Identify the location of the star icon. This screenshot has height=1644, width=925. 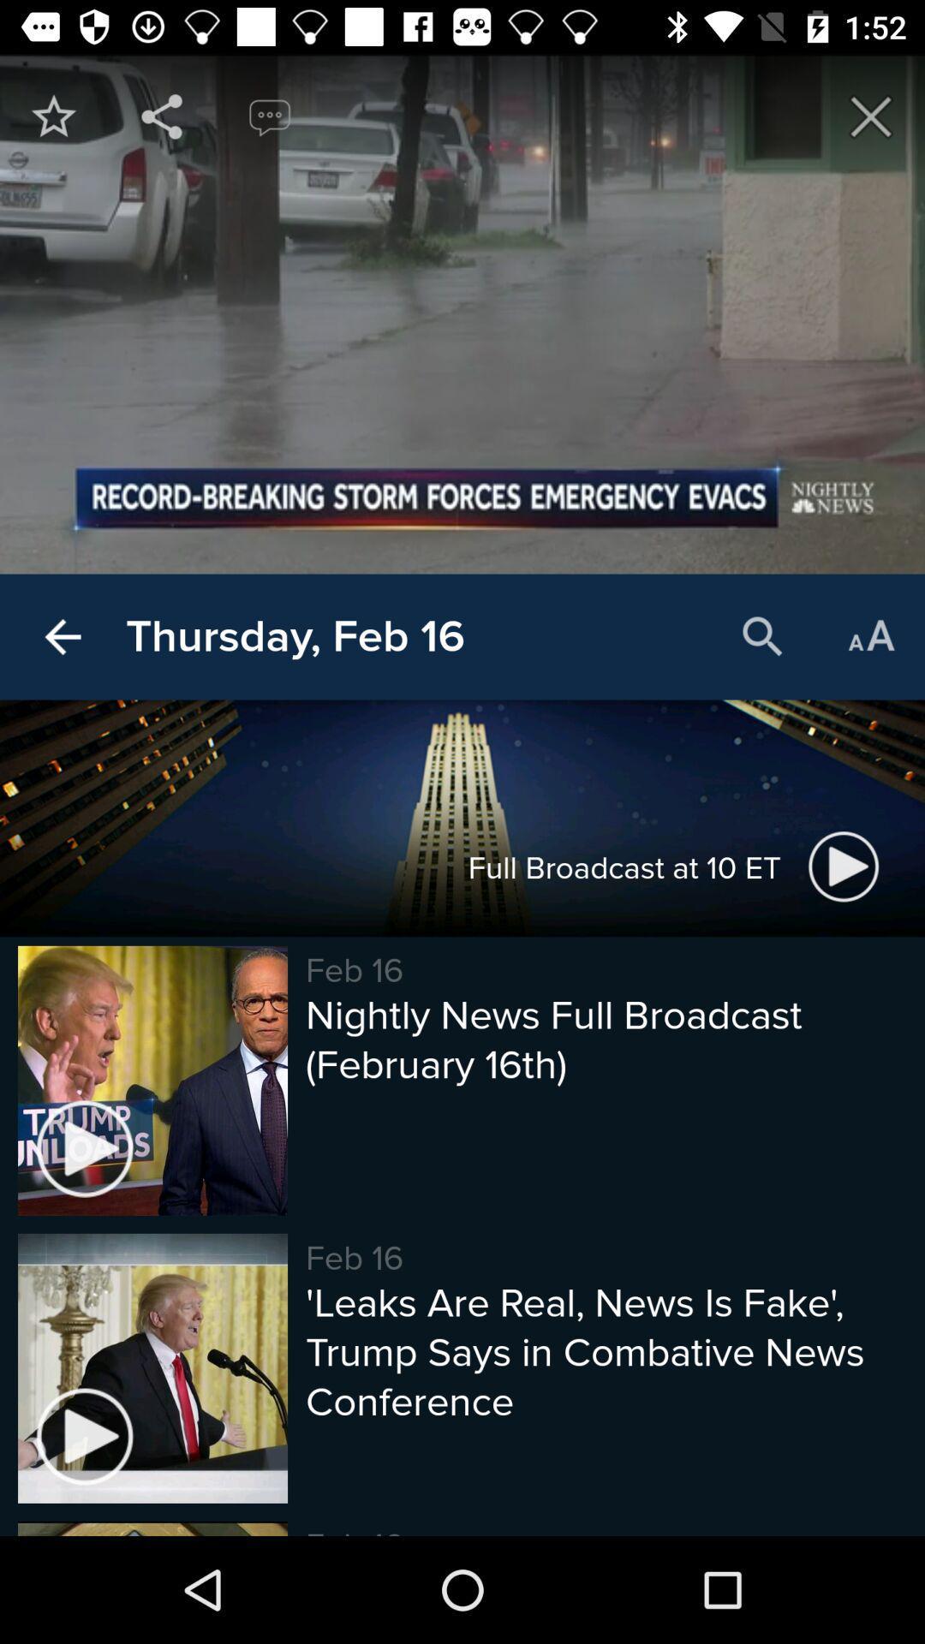
(52, 116).